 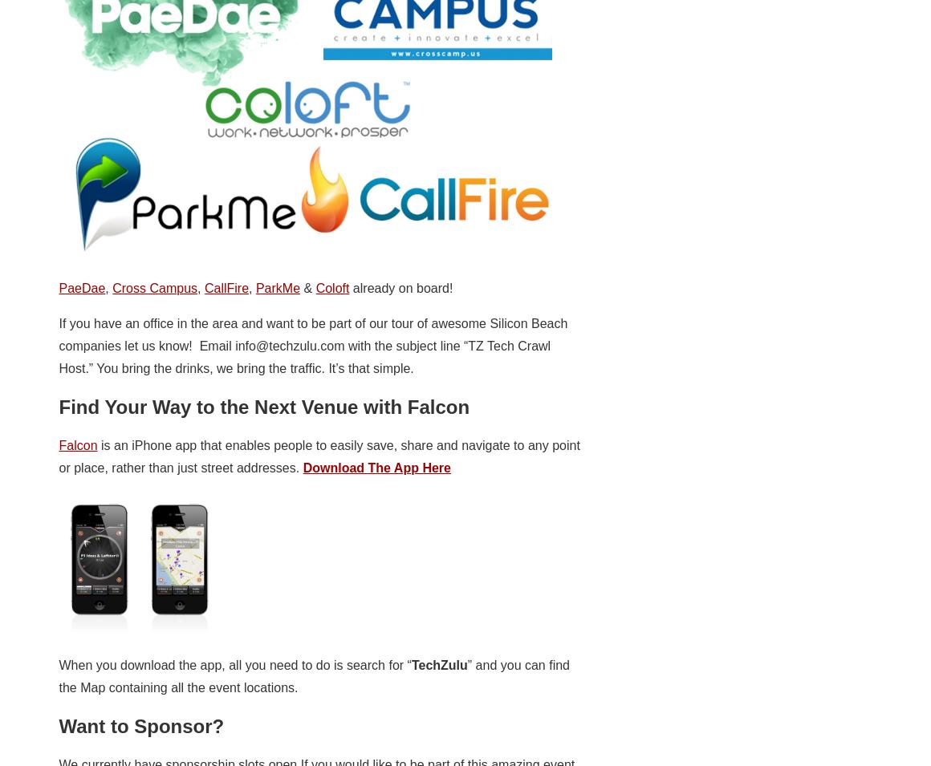 What do you see at coordinates (262, 406) in the screenshot?
I see `'Find Your Way to the Next Venue with Falcon'` at bounding box center [262, 406].